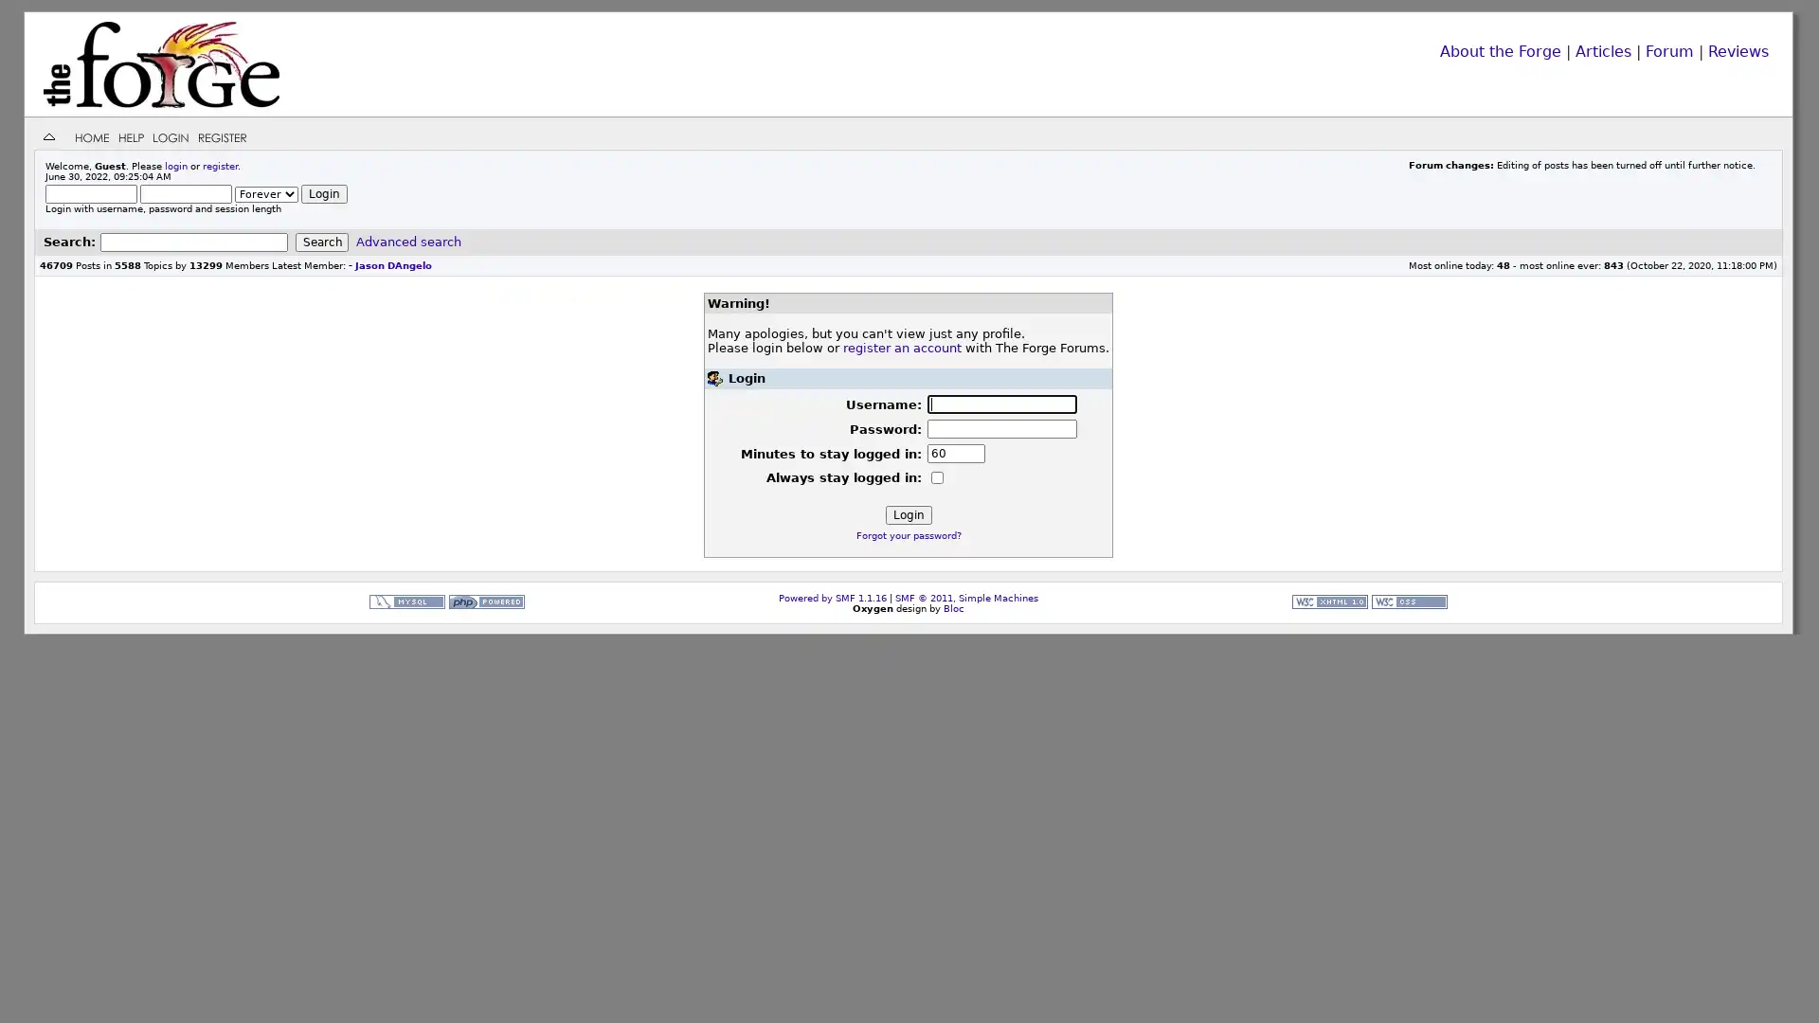 The height and width of the screenshot is (1023, 1819). I want to click on Search, so click(322, 241).